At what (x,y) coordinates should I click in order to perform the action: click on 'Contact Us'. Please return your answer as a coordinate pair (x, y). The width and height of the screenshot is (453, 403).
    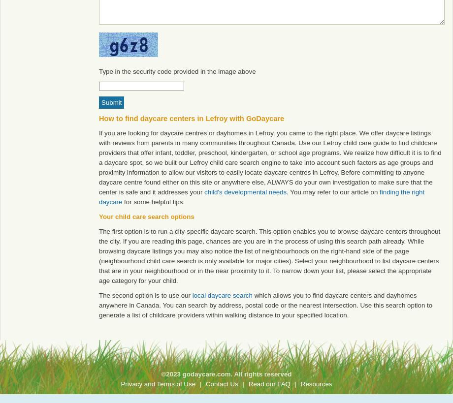
    Looking at the image, I should click on (221, 384).